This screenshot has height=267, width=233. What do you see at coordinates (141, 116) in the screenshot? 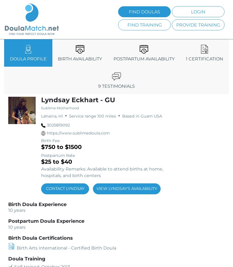
I see `'Based in Guam USA'` at bounding box center [141, 116].